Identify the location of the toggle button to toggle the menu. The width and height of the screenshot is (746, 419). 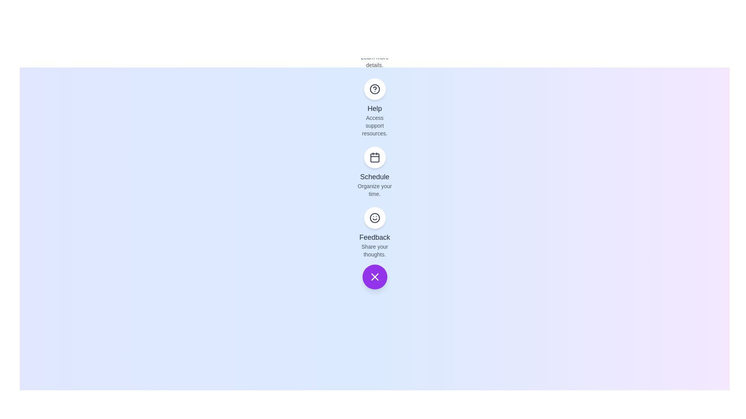
(375, 276).